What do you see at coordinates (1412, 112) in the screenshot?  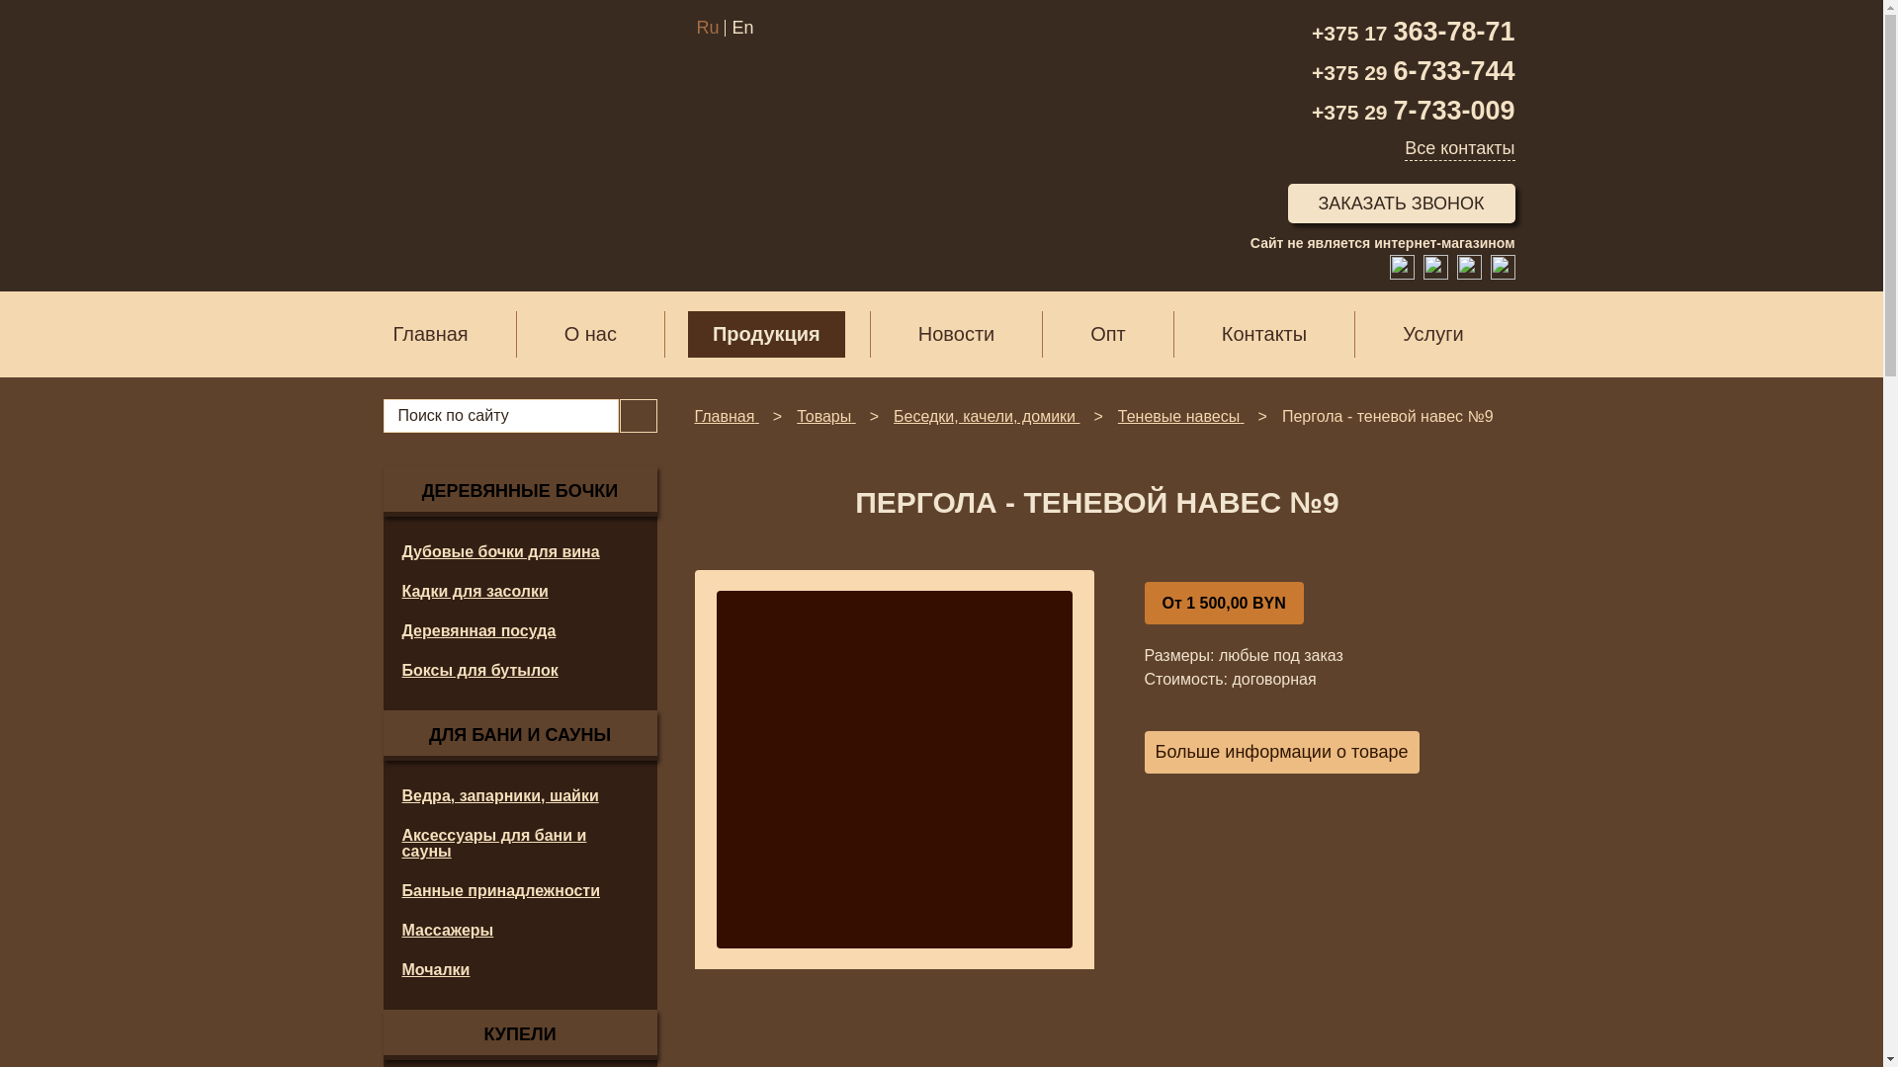 I see `'+375 29 7-733-009'` at bounding box center [1412, 112].